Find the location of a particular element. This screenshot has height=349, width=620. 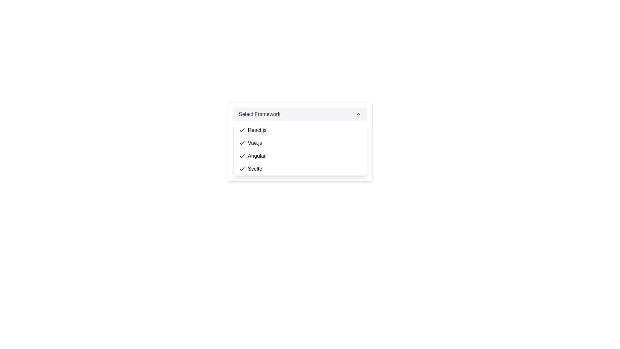

the selected checkmark icon located to the left of the 'React.js' text in the dropdown menu labeled 'Select Framework' is located at coordinates (242, 130).